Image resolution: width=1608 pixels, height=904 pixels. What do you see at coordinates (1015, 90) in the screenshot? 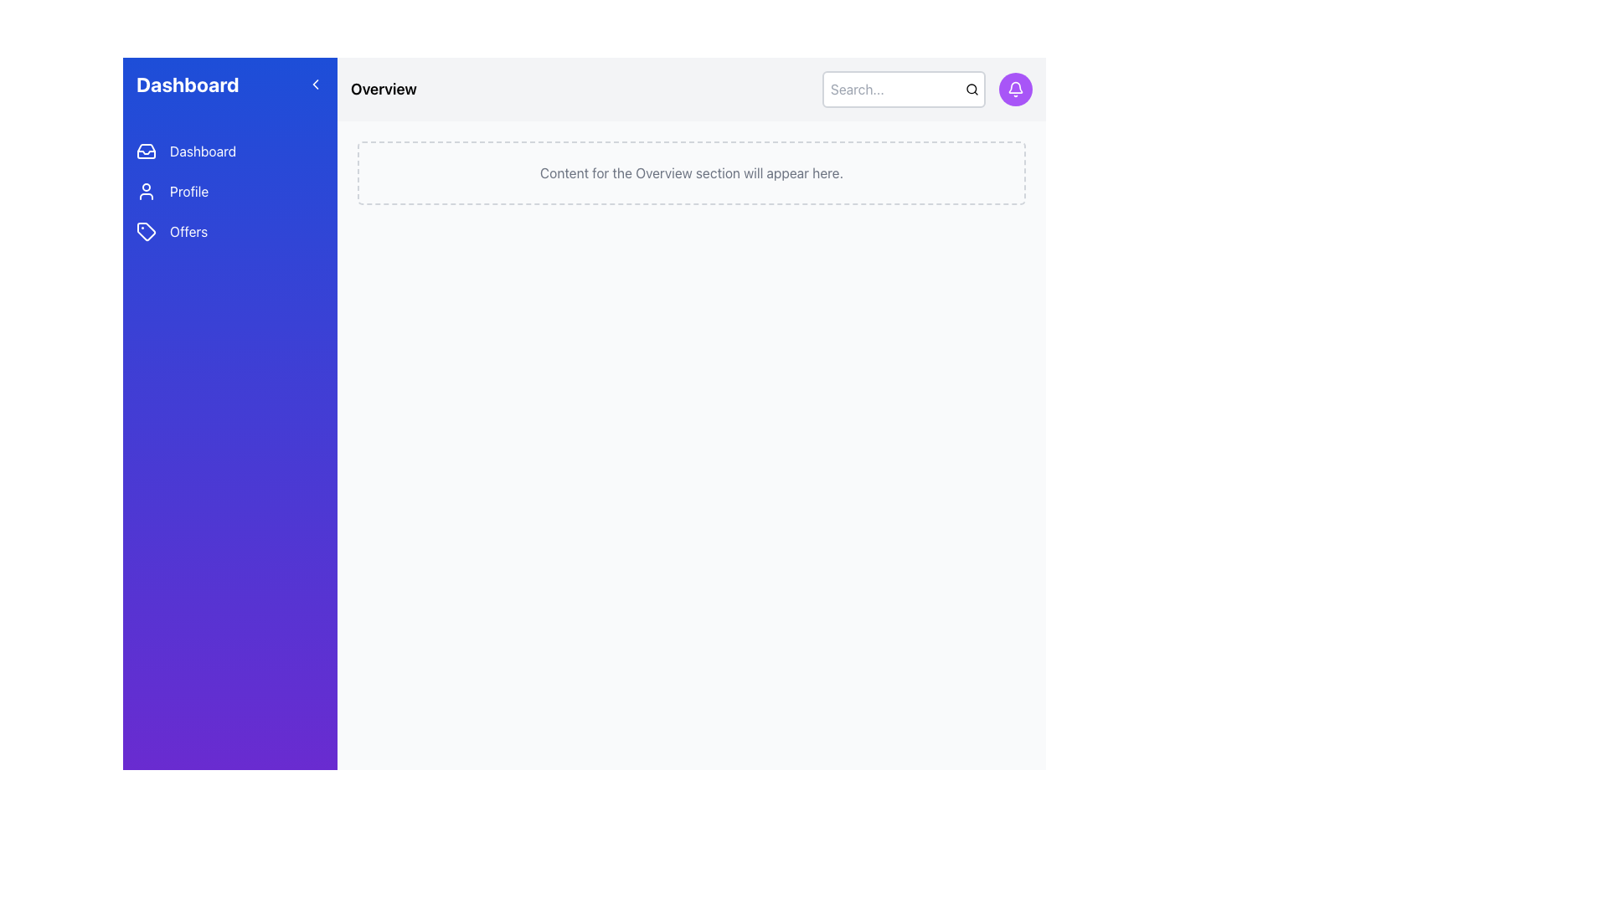
I see `the notification icon located at the top-right corner inside a purple circular background` at bounding box center [1015, 90].